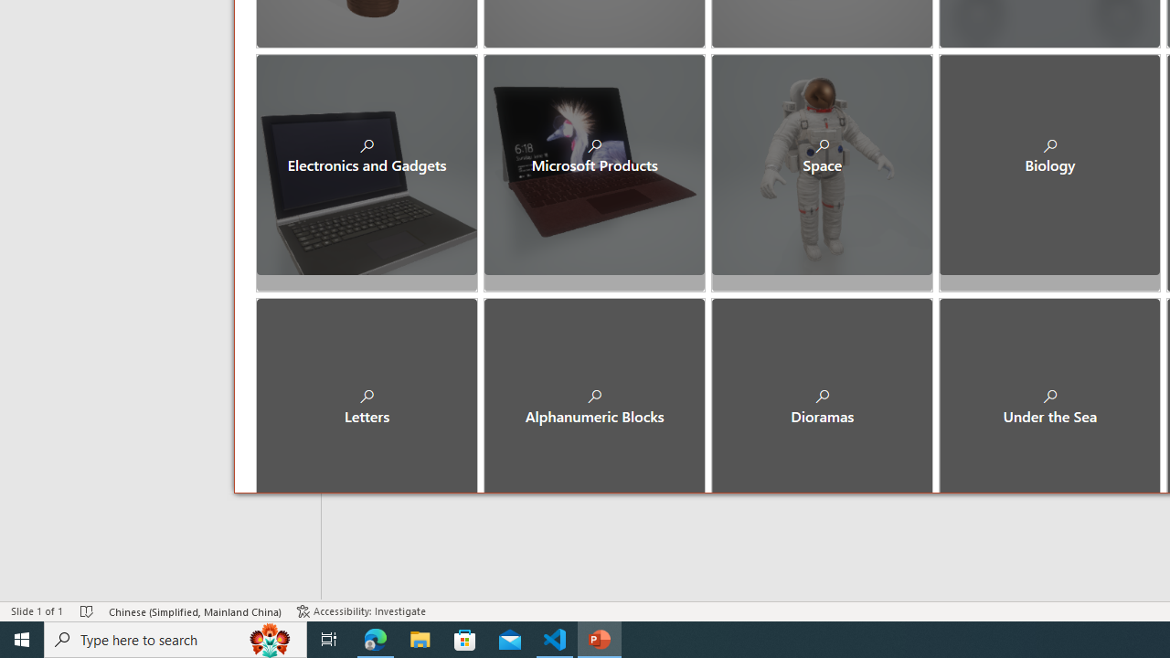 This screenshot has width=1170, height=658. I want to click on 'Microsoft Products', so click(594, 164).